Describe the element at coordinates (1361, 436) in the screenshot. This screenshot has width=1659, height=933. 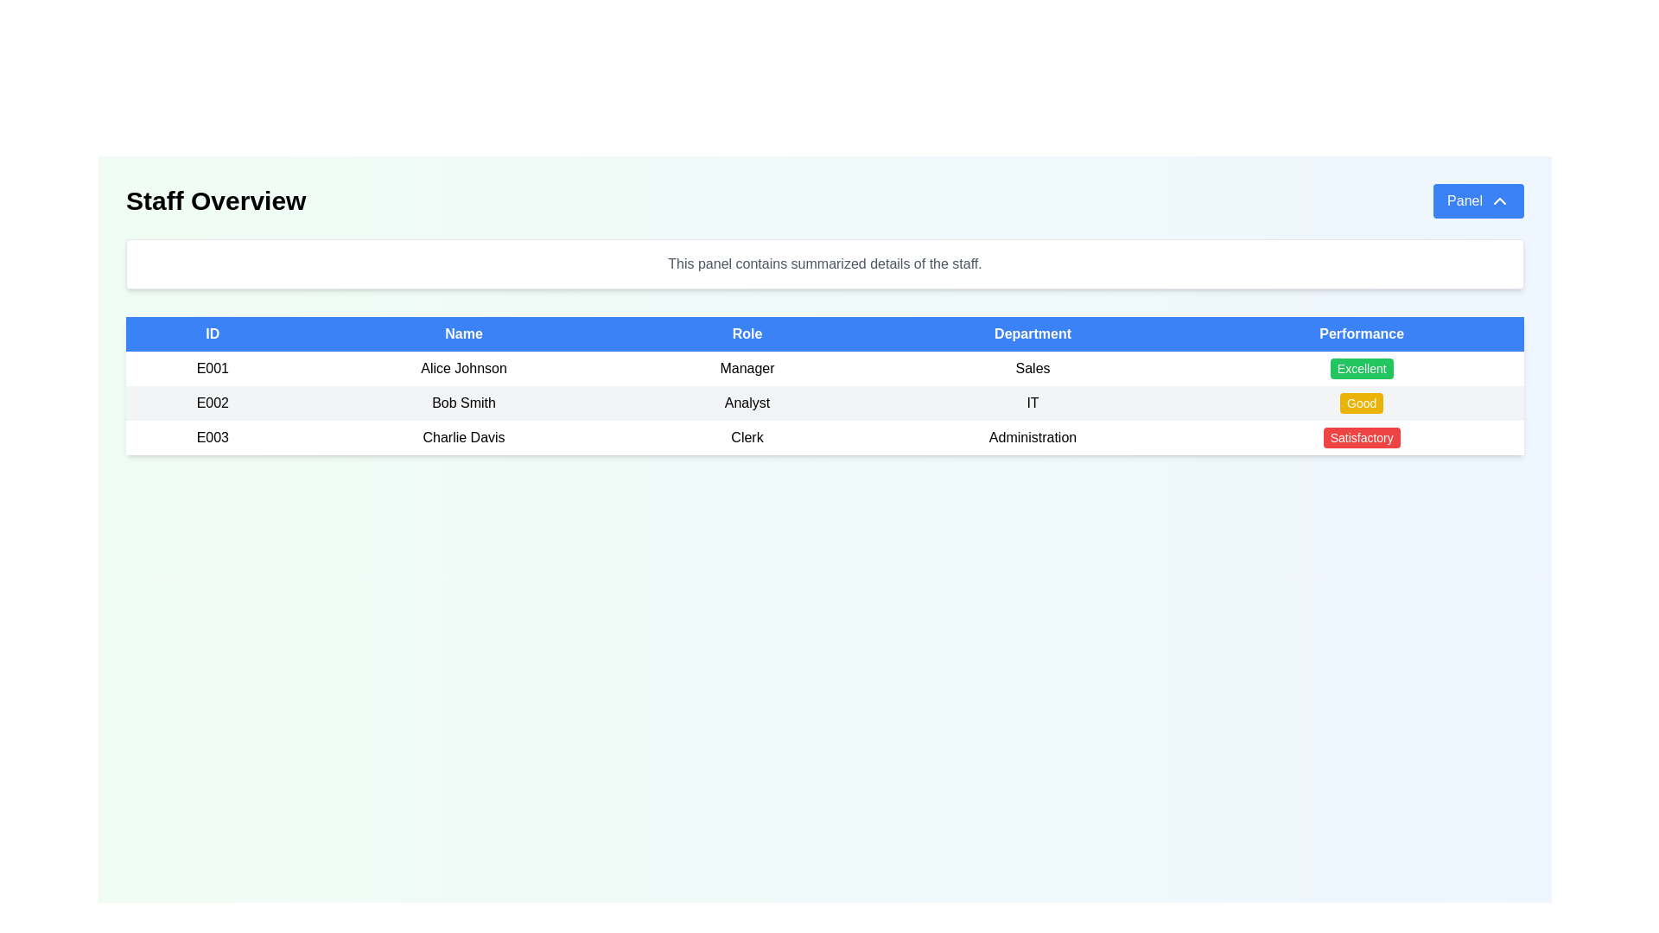
I see `text of the performance indicator badge located in the last row of the table under the 'Performance' column for 'Charlie Davis', aligned in the 'Clerk' role and 'Administration' department` at that location.